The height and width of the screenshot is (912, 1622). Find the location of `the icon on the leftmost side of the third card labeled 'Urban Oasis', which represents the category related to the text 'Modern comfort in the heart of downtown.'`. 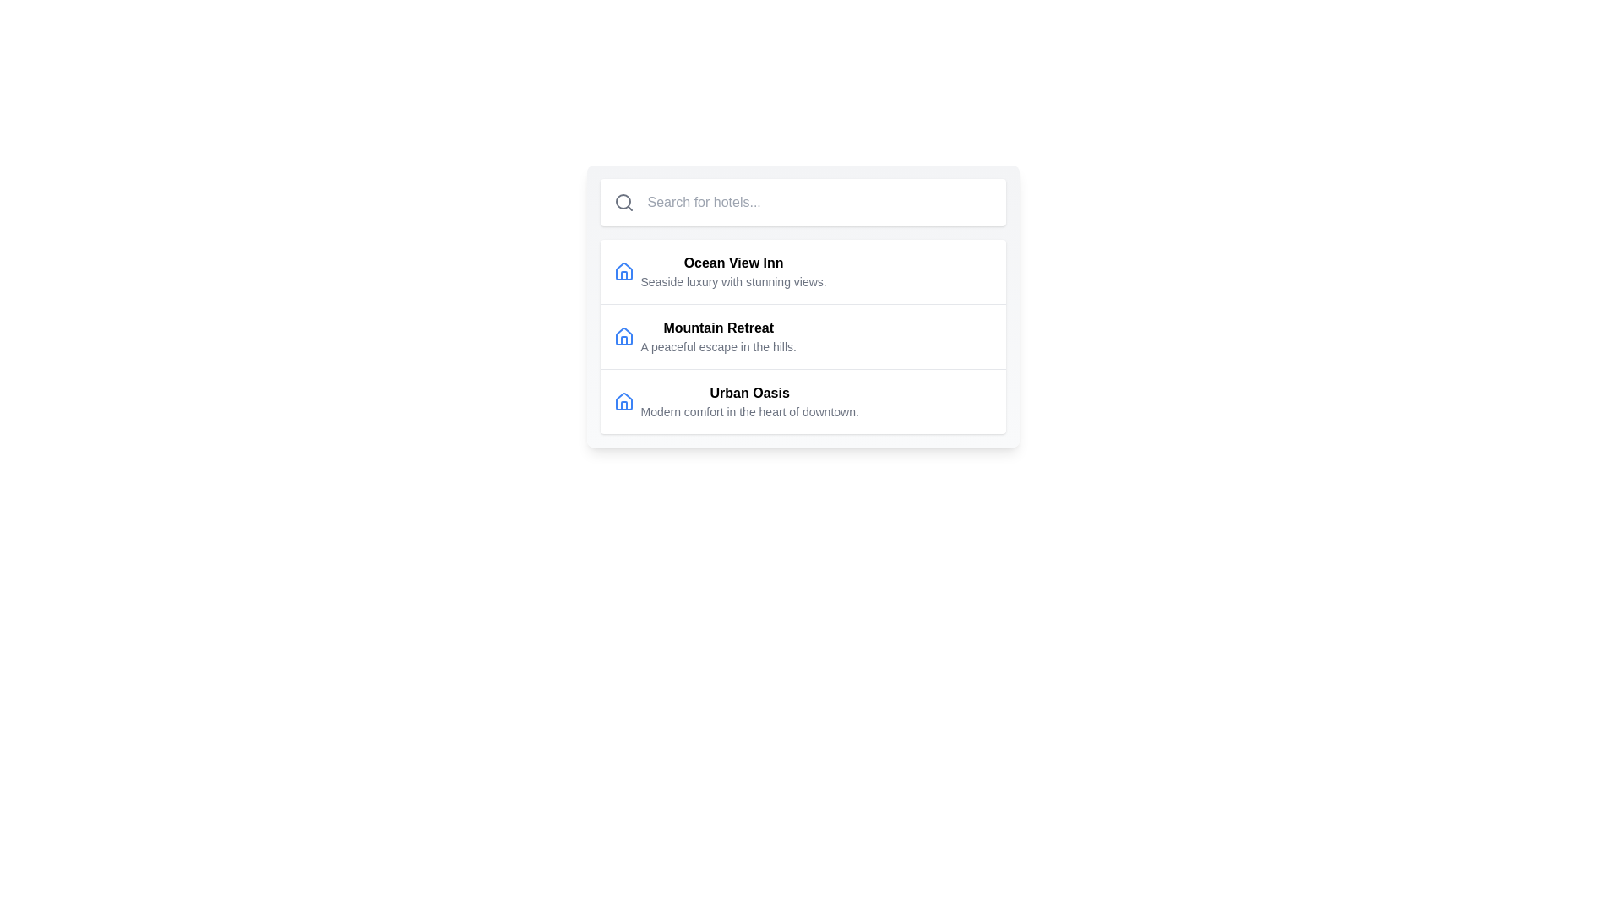

the icon on the leftmost side of the third card labeled 'Urban Oasis', which represents the category related to the text 'Modern comfort in the heart of downtown.' is located at coordinates (623, 401).